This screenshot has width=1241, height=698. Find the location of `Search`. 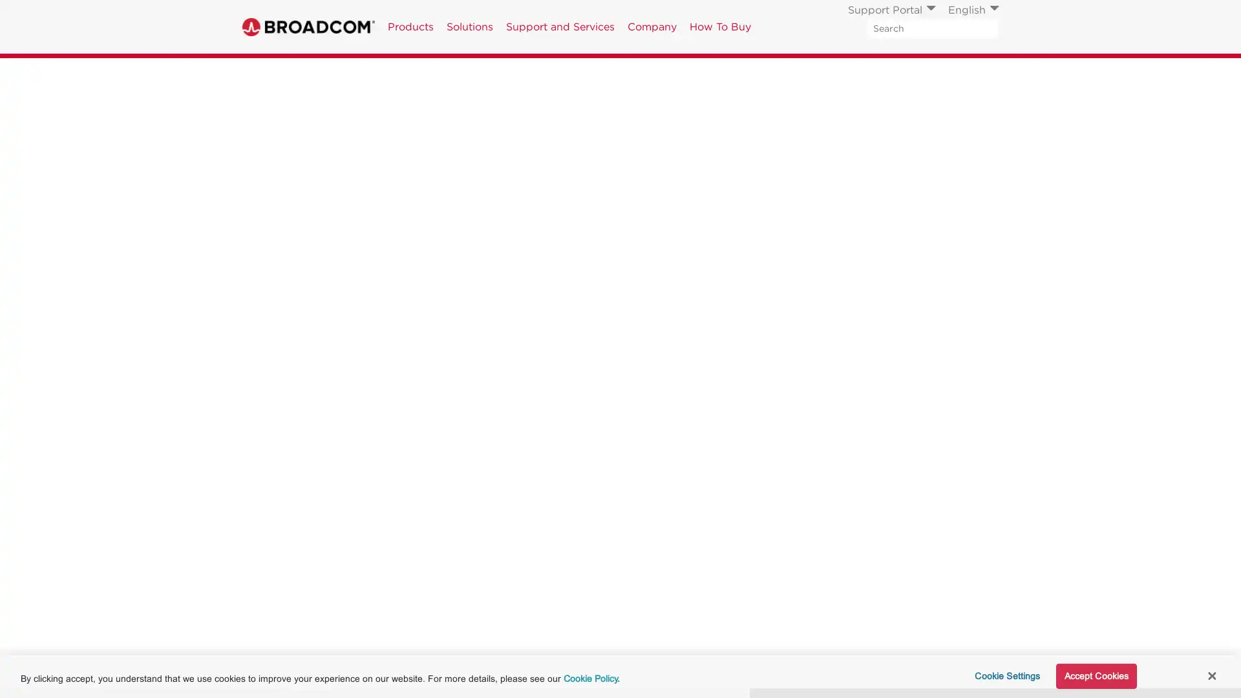

Search is located at coordinates (988, 28).